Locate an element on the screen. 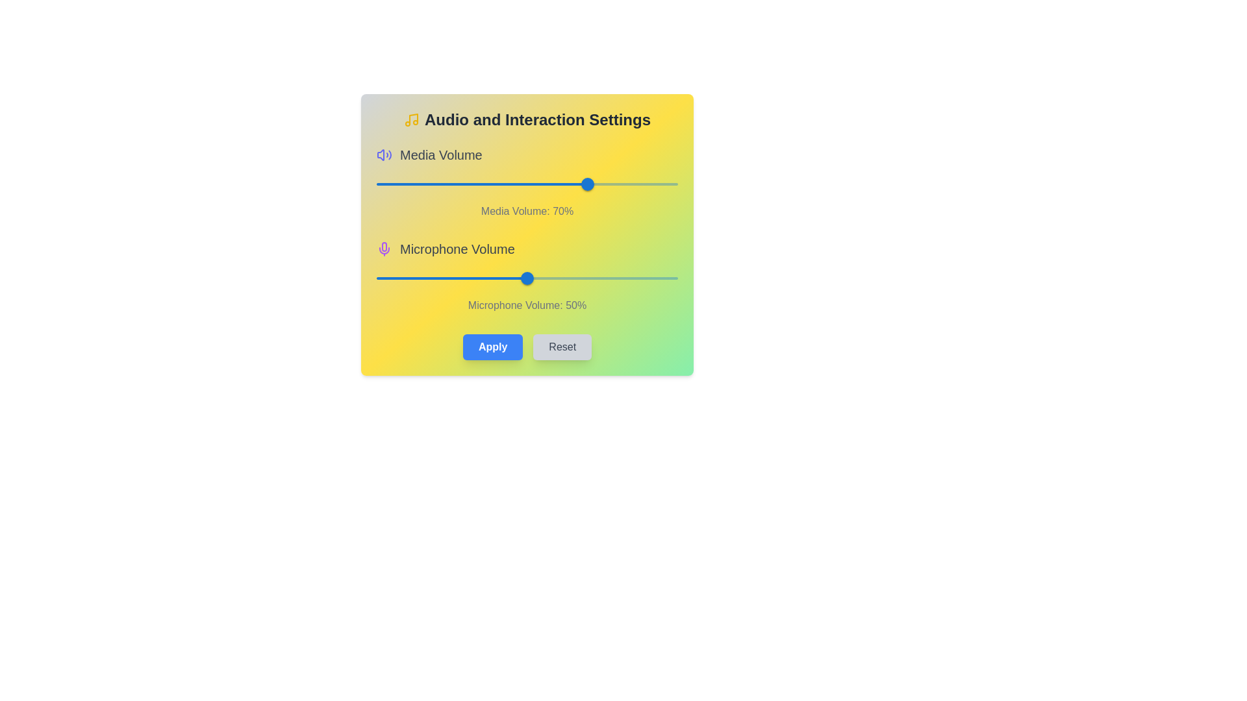 This screenshot has height=701, width=1247. the microphone volume is located at coordinates (533, 277).